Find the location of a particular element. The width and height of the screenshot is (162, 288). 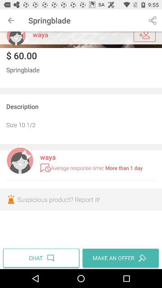

the chat icon is located at coordinates (42, 258).